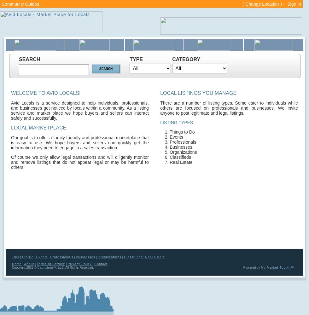 This screenshot has height=315, width=309. I want to click on 'Home', so click(17, 264).